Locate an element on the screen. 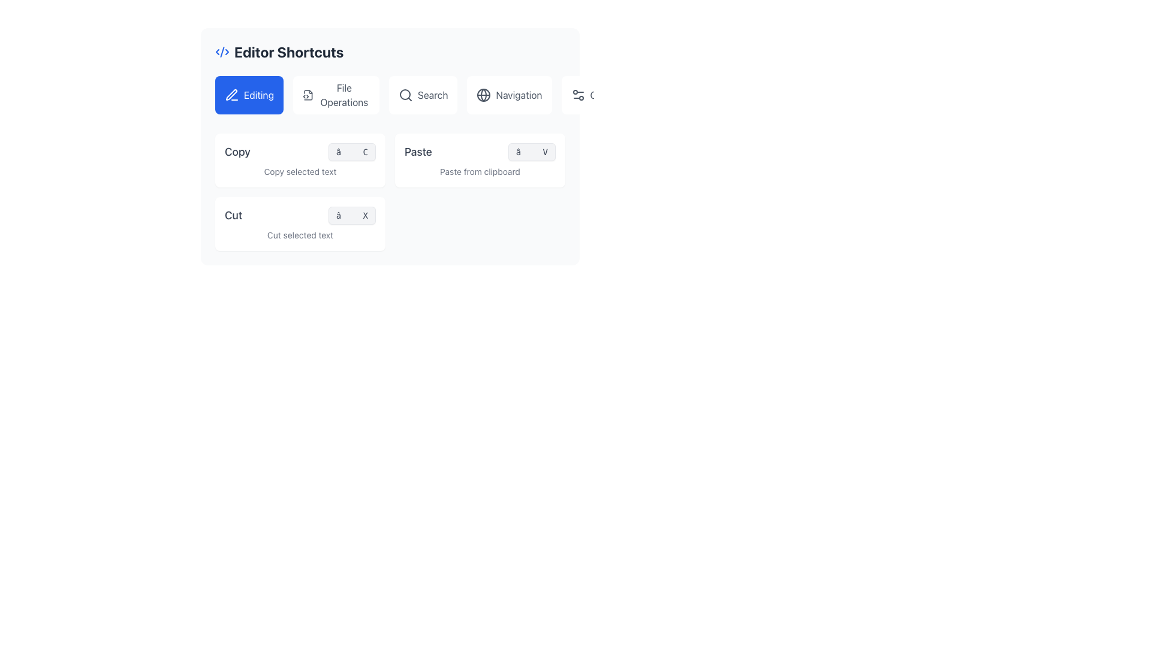 The height and width of the screenshot is (647, 1151). informational text label that reads 'Paste from clipboard', which is styled in a smaller font size with a light gray color, located below the header 'Paste' is located at coordinates (480, 171).